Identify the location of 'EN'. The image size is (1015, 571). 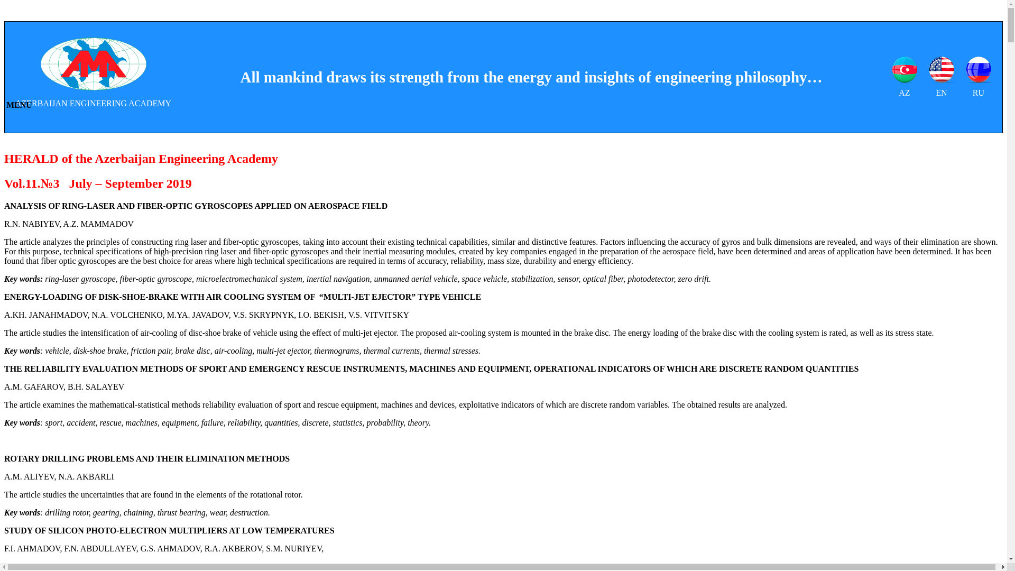
(941, 77).